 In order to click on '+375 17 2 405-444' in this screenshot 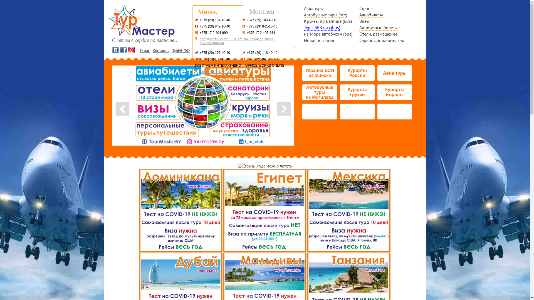, I will do `click(261, 33)`.